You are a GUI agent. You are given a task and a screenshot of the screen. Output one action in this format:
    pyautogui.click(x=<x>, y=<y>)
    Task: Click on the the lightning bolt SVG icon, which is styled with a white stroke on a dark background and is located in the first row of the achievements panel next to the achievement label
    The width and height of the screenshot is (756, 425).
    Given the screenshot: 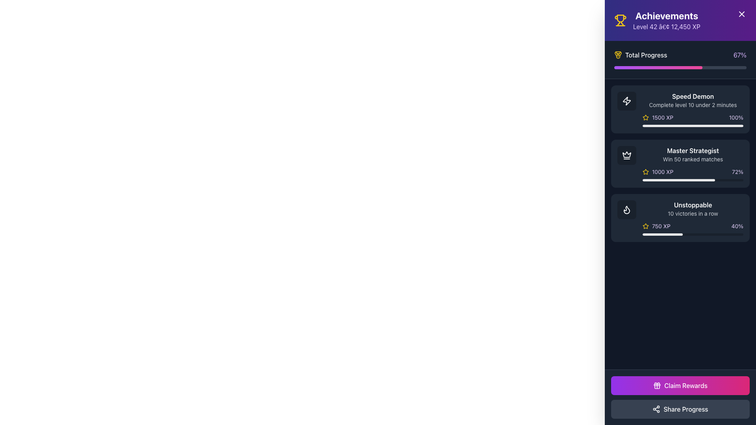 What is the action you would take?
    pyautogui.click(x=626, y=100)
    